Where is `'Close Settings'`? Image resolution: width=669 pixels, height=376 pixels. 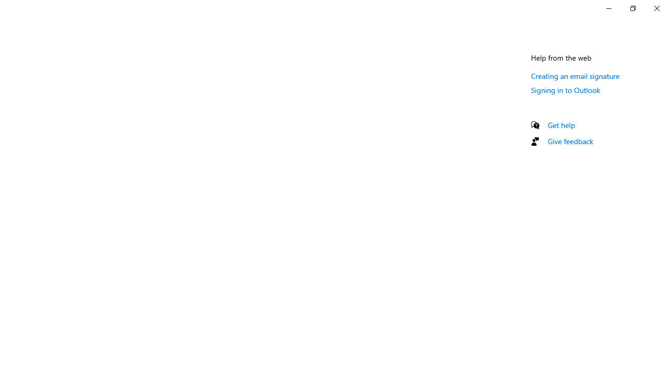
'Close Settings' is located at coordinates (656, 8).